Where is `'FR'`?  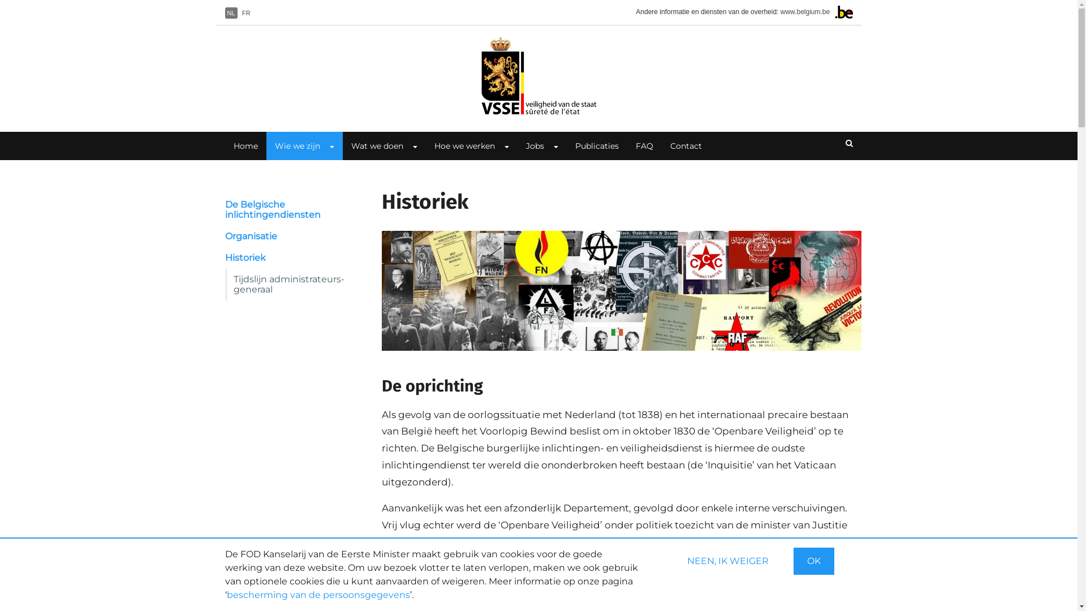 'FR' is located at coordinates (245, 13).